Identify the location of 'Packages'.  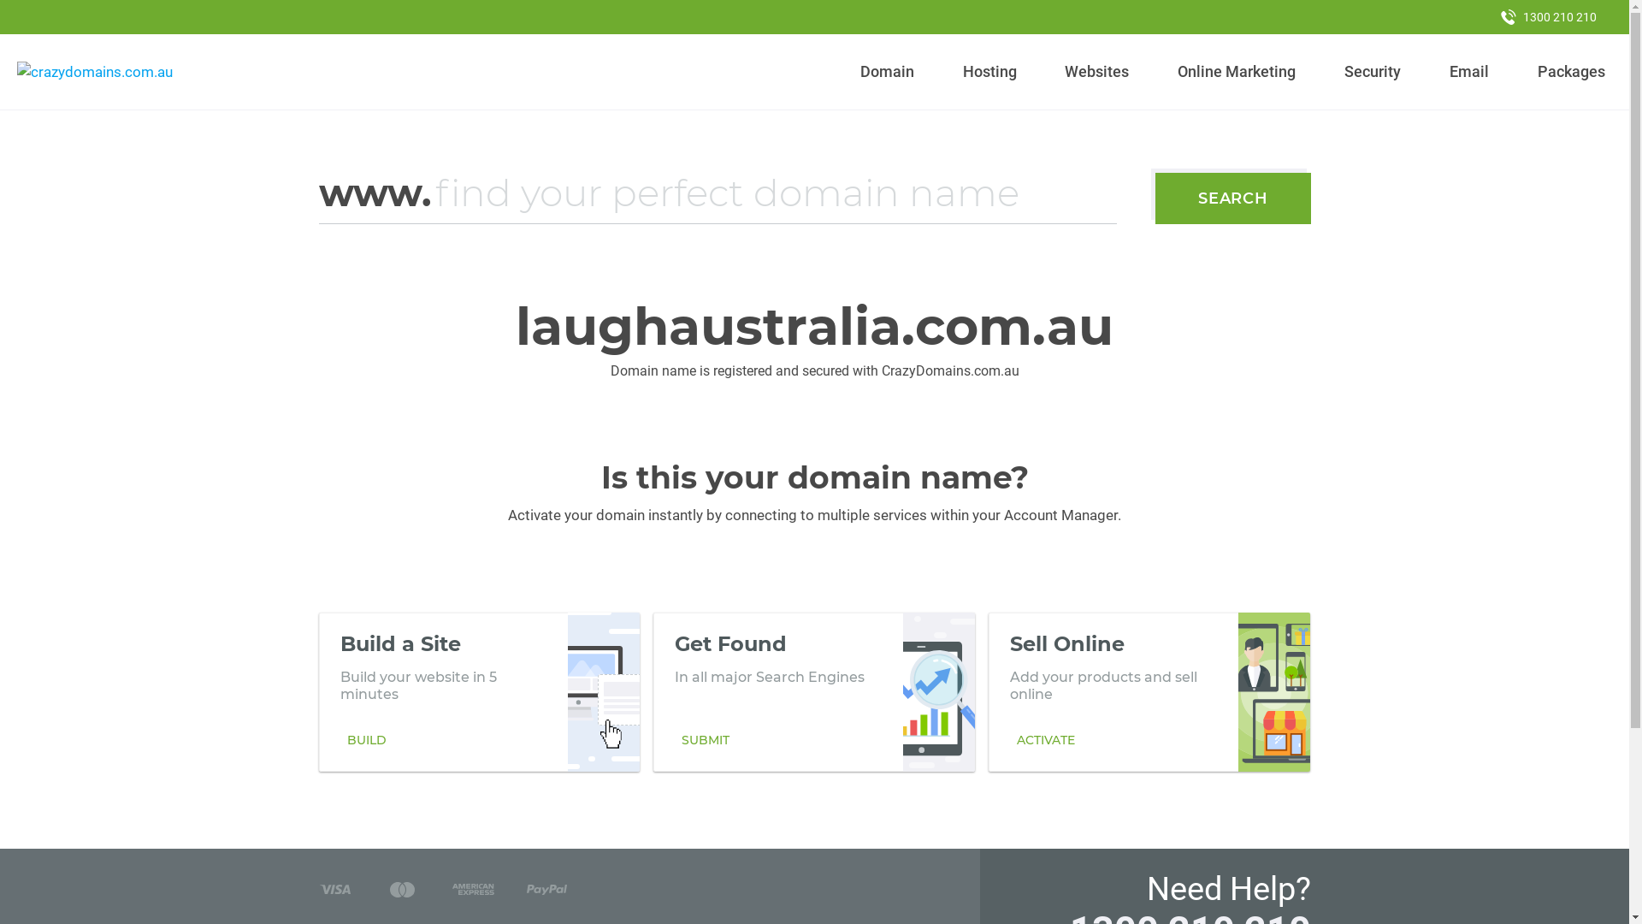
(1530, 71).